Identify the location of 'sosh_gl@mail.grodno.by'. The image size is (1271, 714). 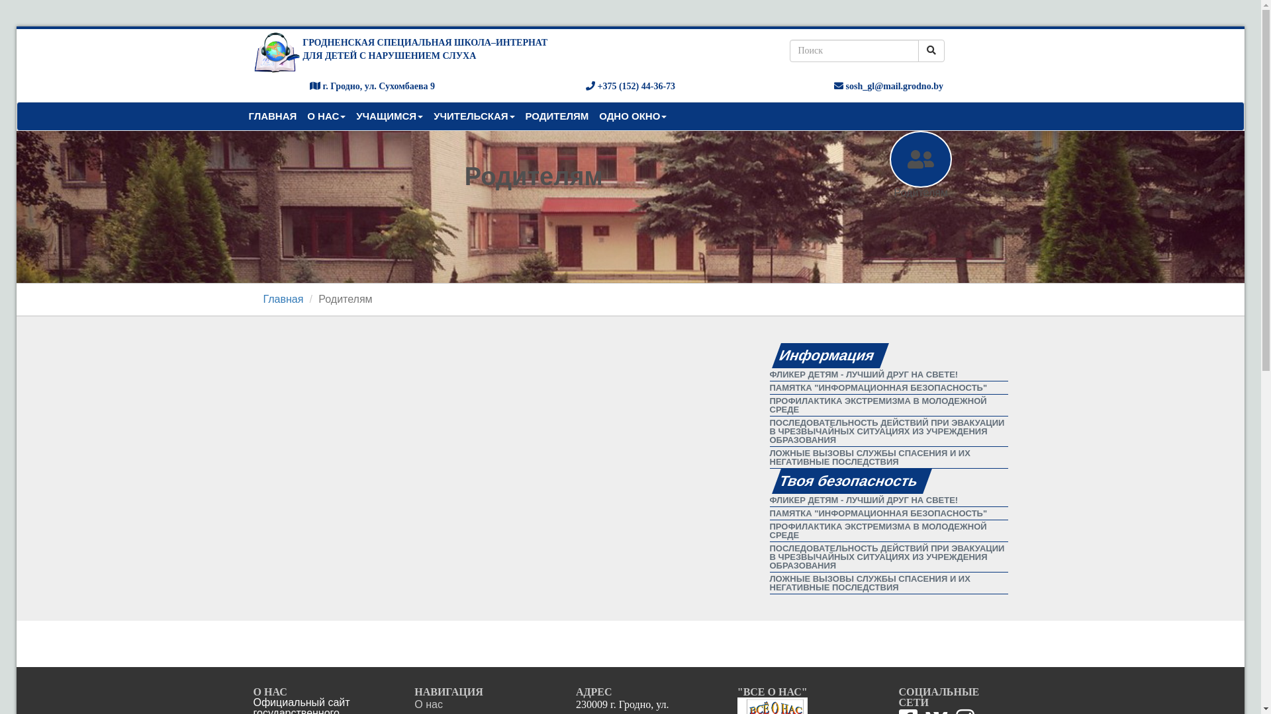
(888, 86).